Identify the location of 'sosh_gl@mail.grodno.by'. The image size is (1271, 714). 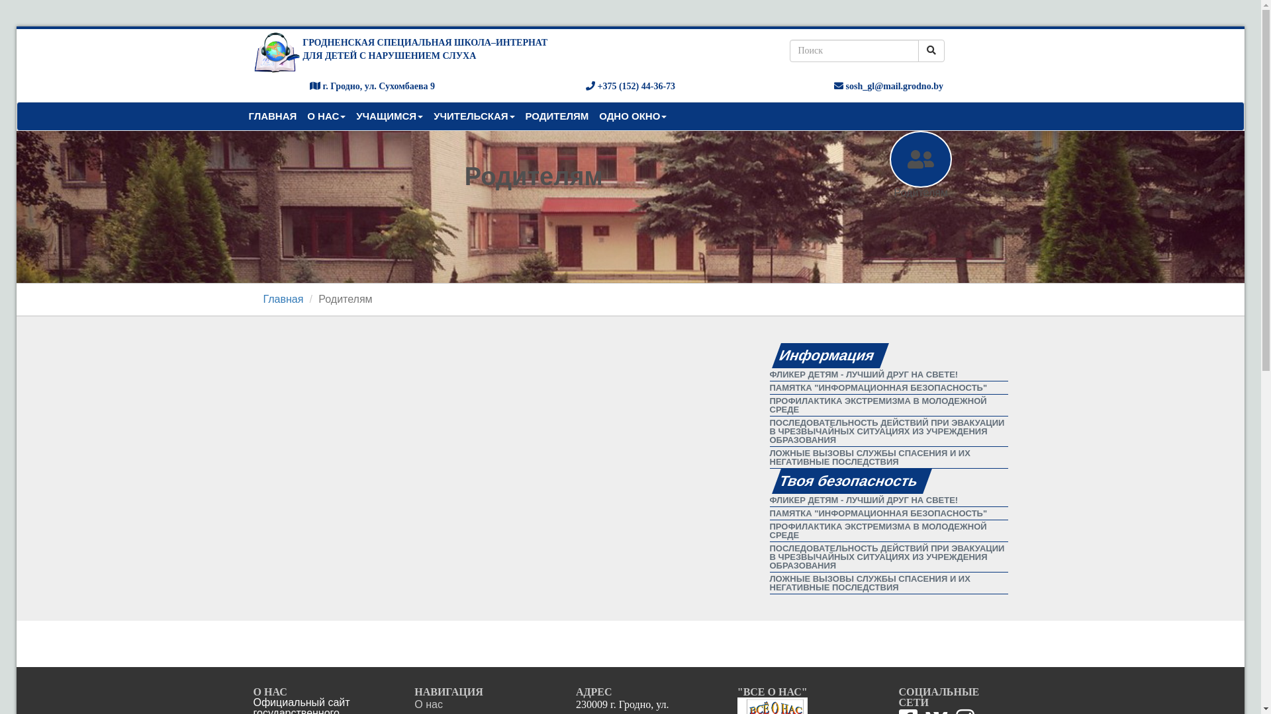
(888, 86).